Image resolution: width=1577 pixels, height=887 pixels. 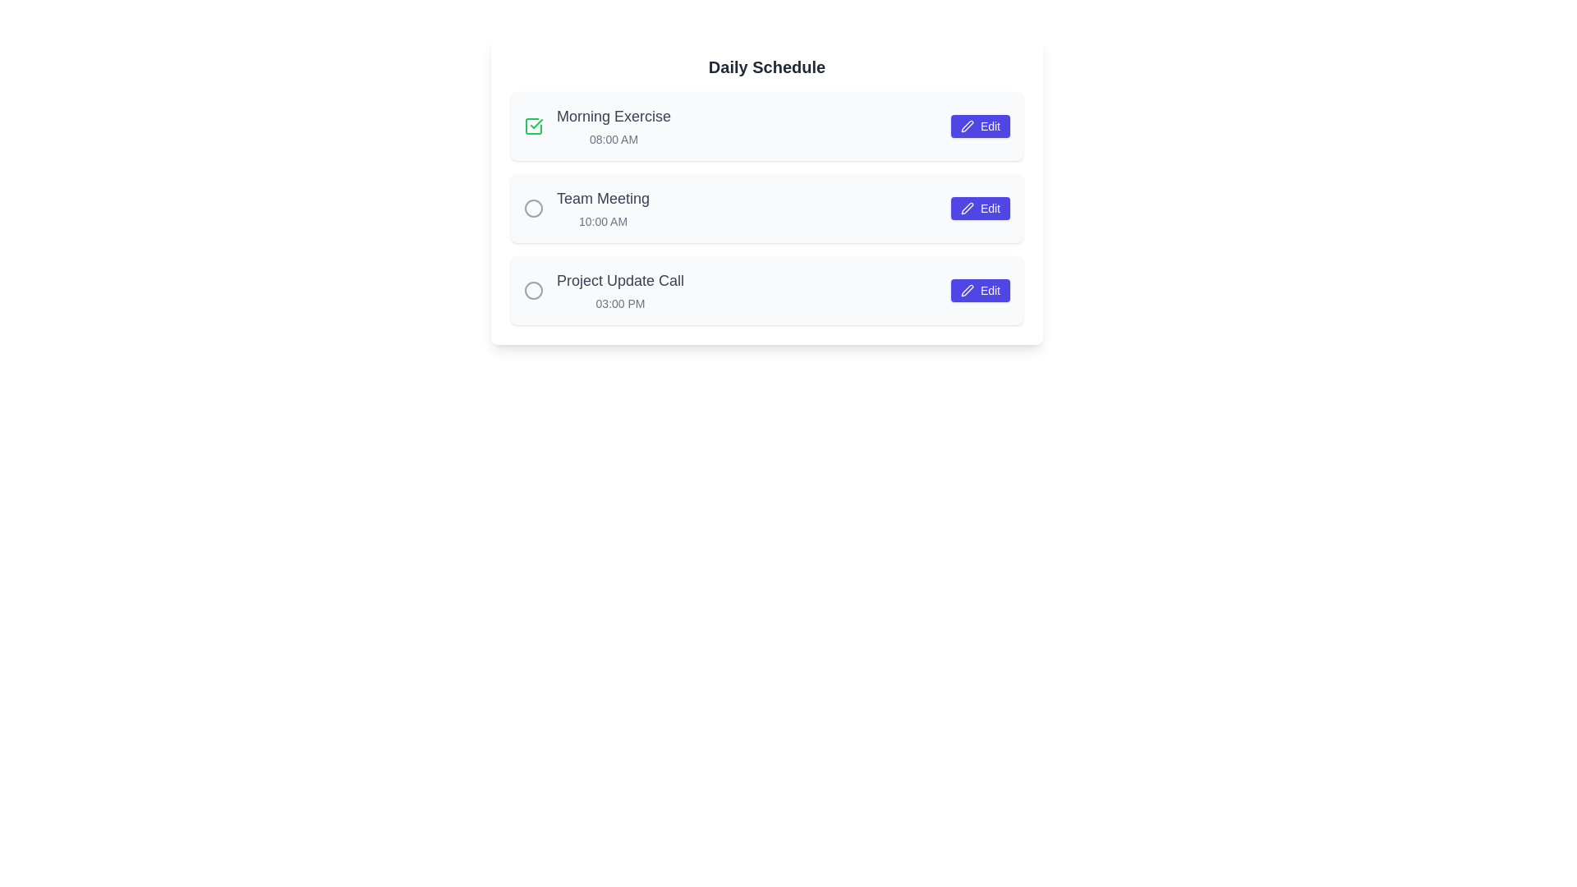 I want to click on the first list item titled 'Morning Exercise' in the Daily Schedule, so click(x=766, y=126).